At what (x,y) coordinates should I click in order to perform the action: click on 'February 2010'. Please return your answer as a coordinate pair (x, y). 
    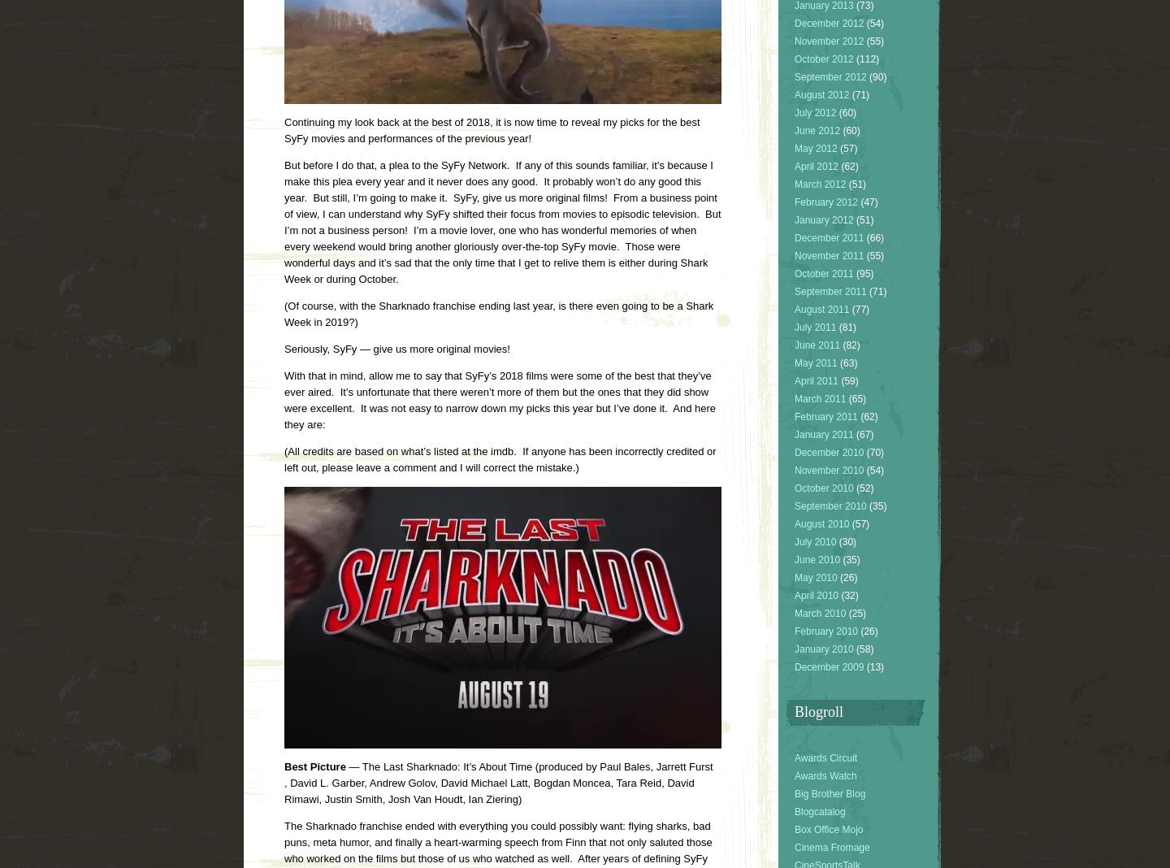
    Looking at the image, I should click on (794, 631).